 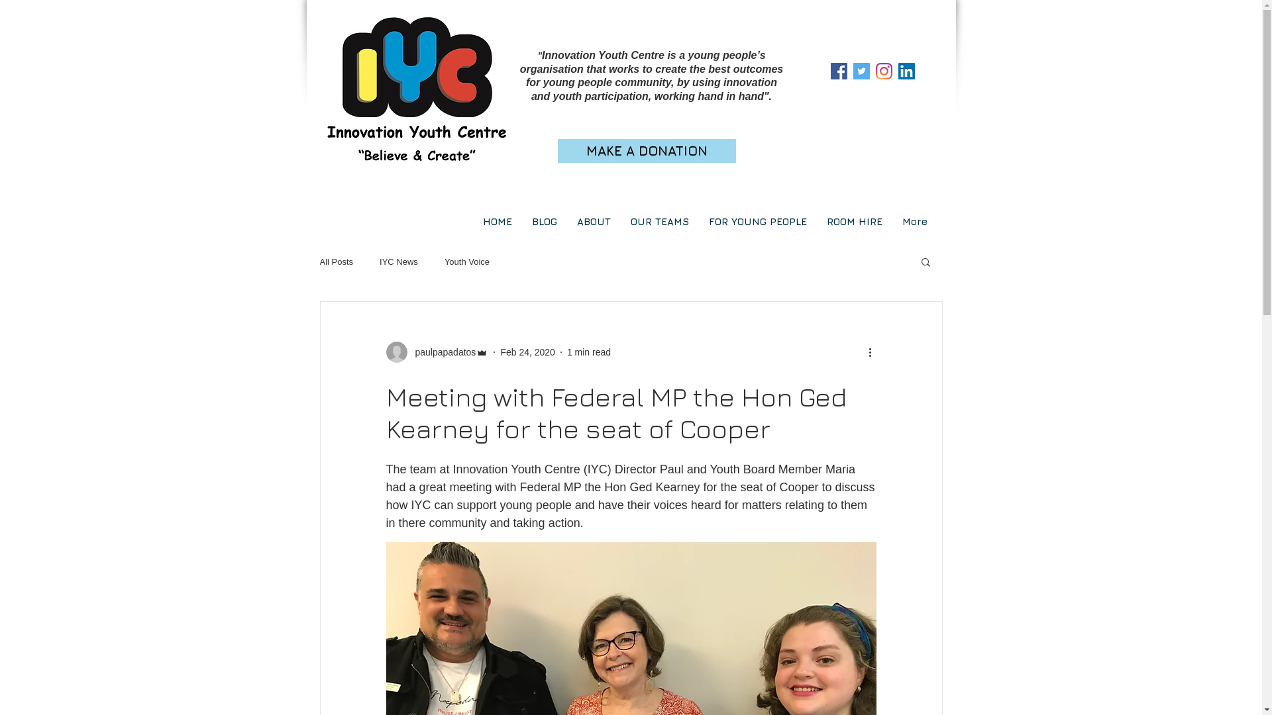 I want to click on 'Youth Voice', so click(x=467, y=262).